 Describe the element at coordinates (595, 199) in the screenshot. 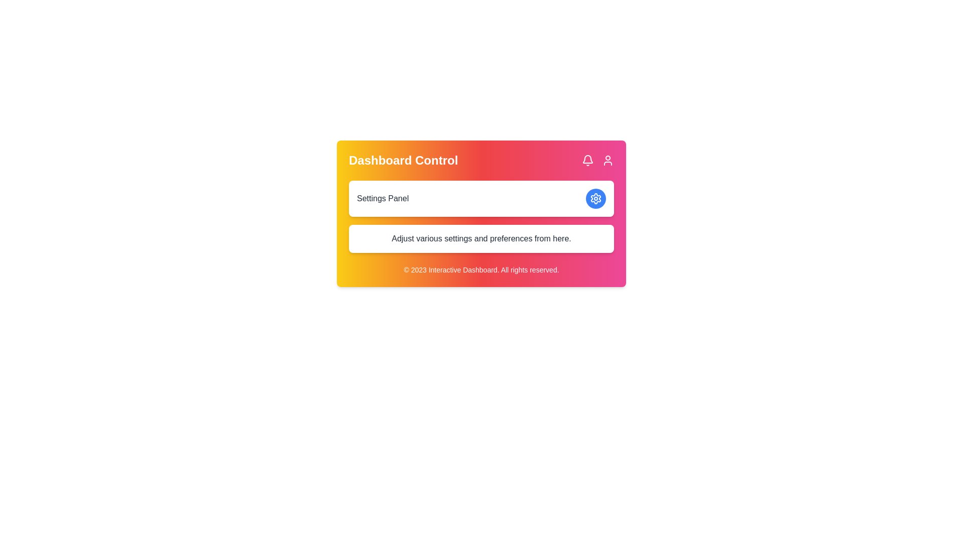

I see `the small gear-shaped icon in white, which is centered within the blue circular button on the right side of the 'Settings Panel' label` at that location.